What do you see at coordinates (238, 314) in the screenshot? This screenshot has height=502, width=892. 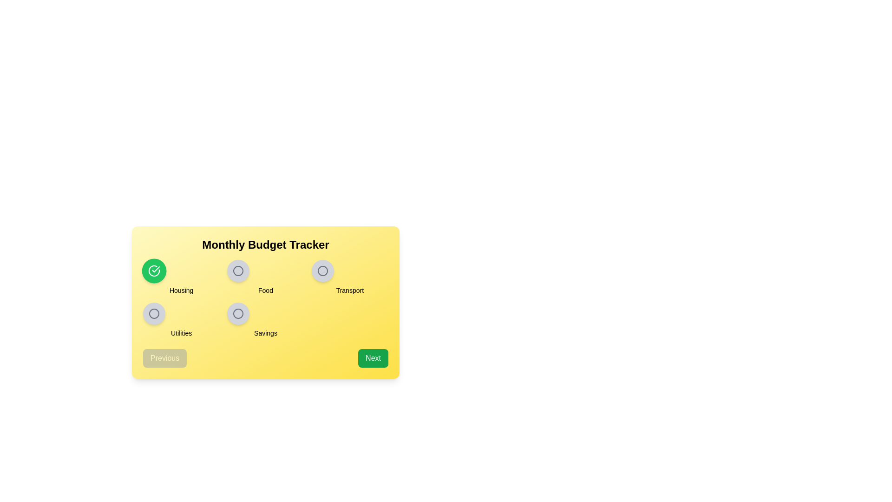 I see `the radio button associated with the 'Savings' option for visual feedback` at bounding box center [238, 314].